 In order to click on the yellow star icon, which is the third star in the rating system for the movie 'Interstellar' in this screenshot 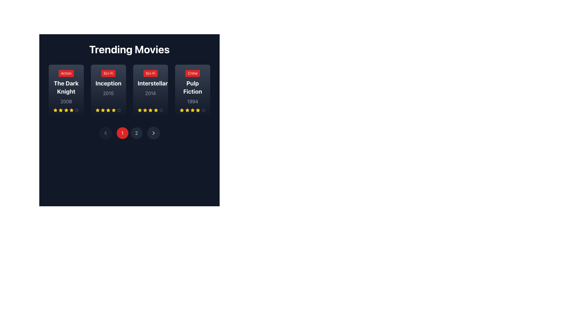, I will do `click(139, 110)`.